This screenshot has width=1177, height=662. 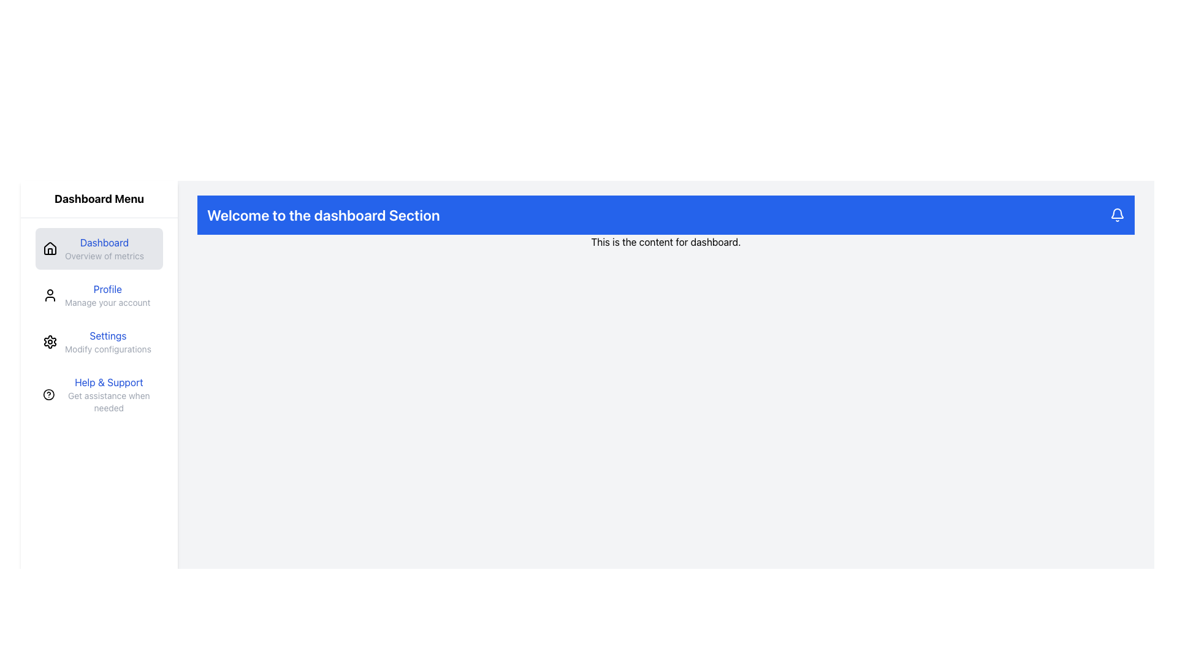 What do you see at coordinates (107, 302) in the screenshot?
I see `the text label that provides additional information about the 'Profile' menu option for accessibility tools` at bounding box center [107, 302].